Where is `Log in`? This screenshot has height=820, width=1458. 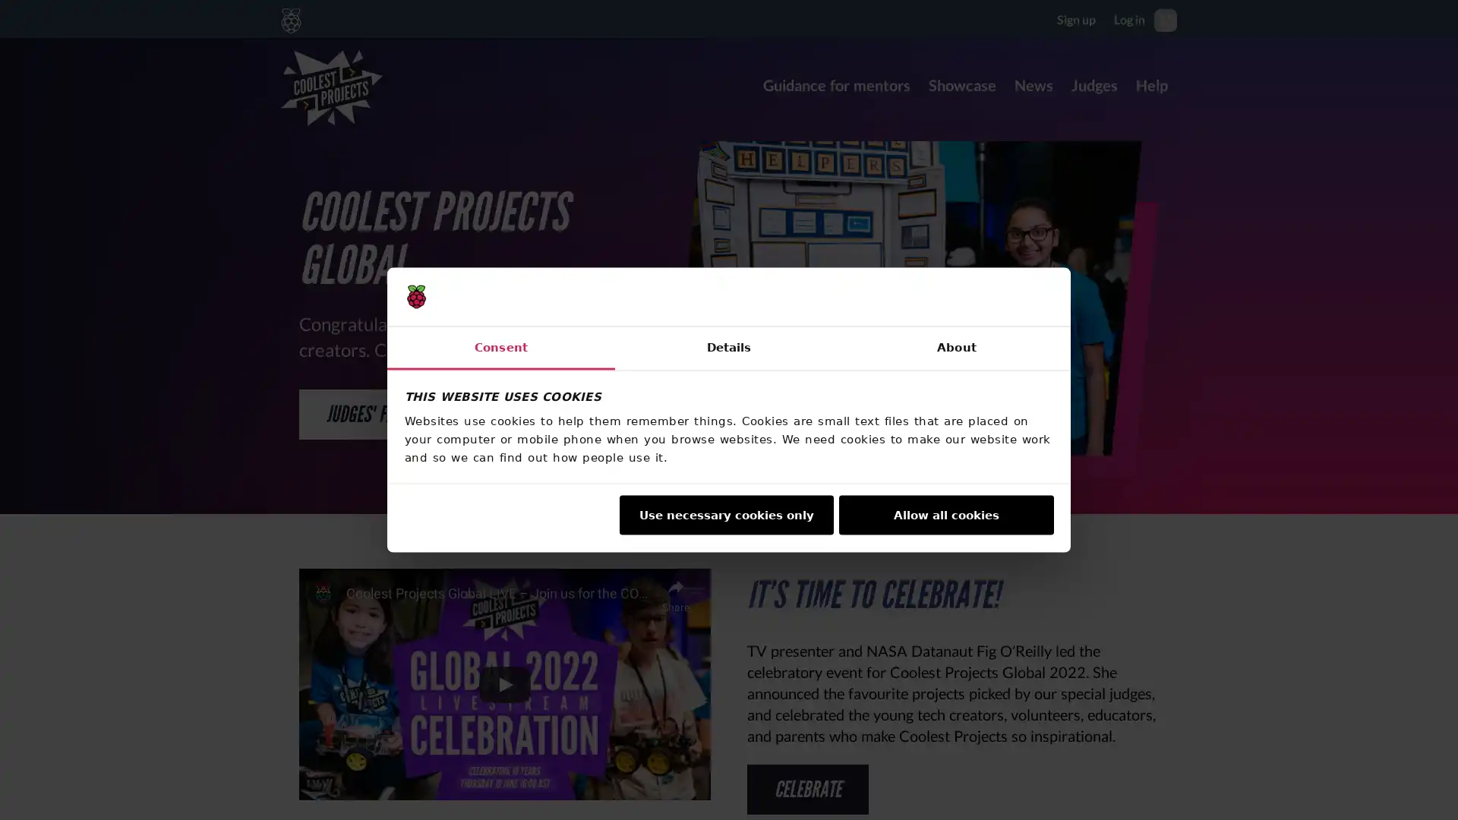
Log in is located at coordinates (1129, 18).